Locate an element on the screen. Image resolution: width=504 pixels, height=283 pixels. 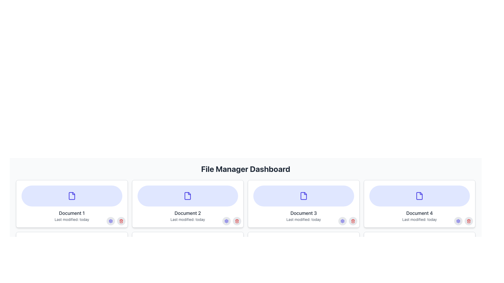
text content of the label that displays 'Last modified: today', which is styled in light gray and located below 'Document 4' is located at coordinates (419, 219).